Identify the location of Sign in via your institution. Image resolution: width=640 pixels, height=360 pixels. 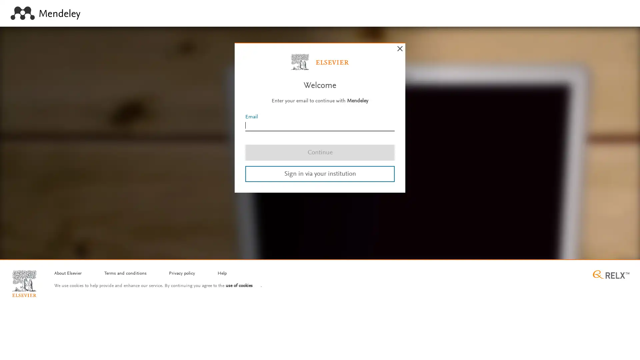
(320, 173).